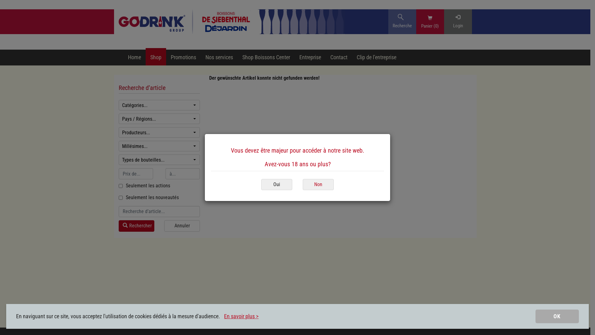 This screenshot has width=595, height=335. What do you see at coordinates (458, 21) in the screenshot?
I see `'Login'` at bounding box center [458, 21].